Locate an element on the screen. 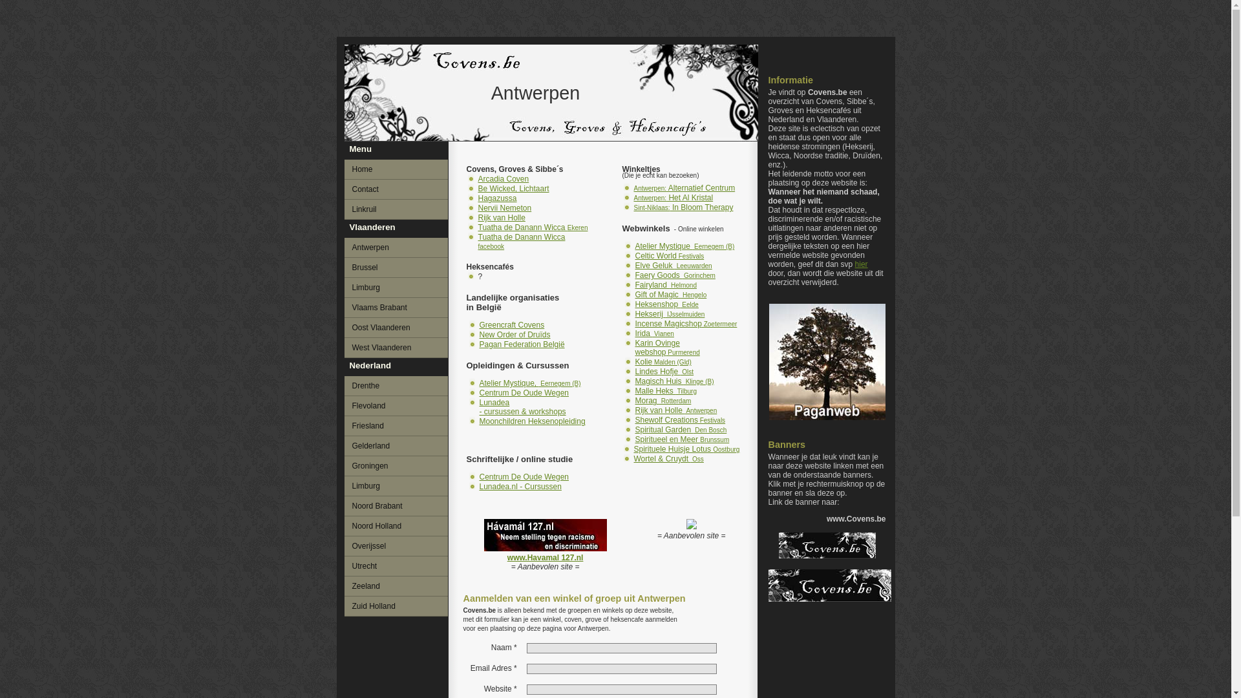 Image resolution: width=1241 pixels, height=698 pixels. 'Gift of Magic  Hengelo' is located at coordinates (635, 294).